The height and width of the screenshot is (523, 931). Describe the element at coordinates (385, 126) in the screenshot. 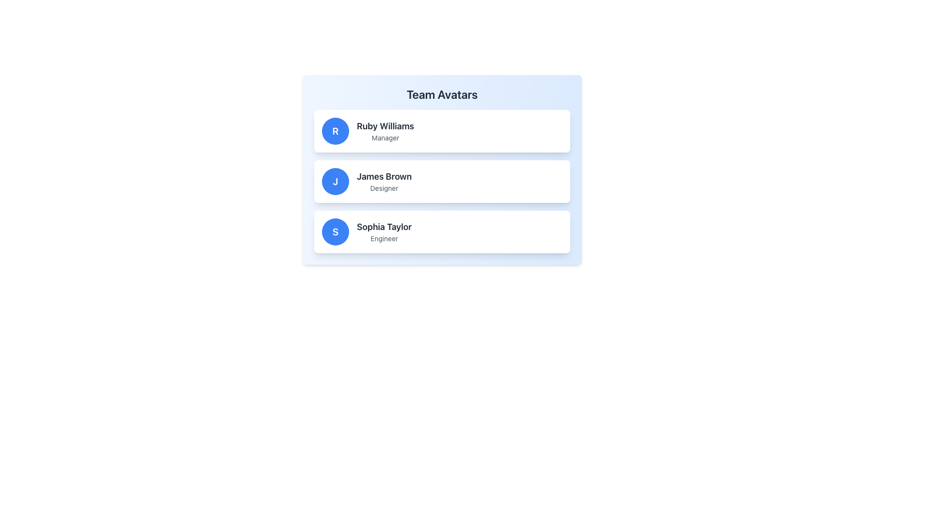

I see `the Text Label that represents the name of an individual in the team member list to initiate a related action such as viewing the profile` at that location.